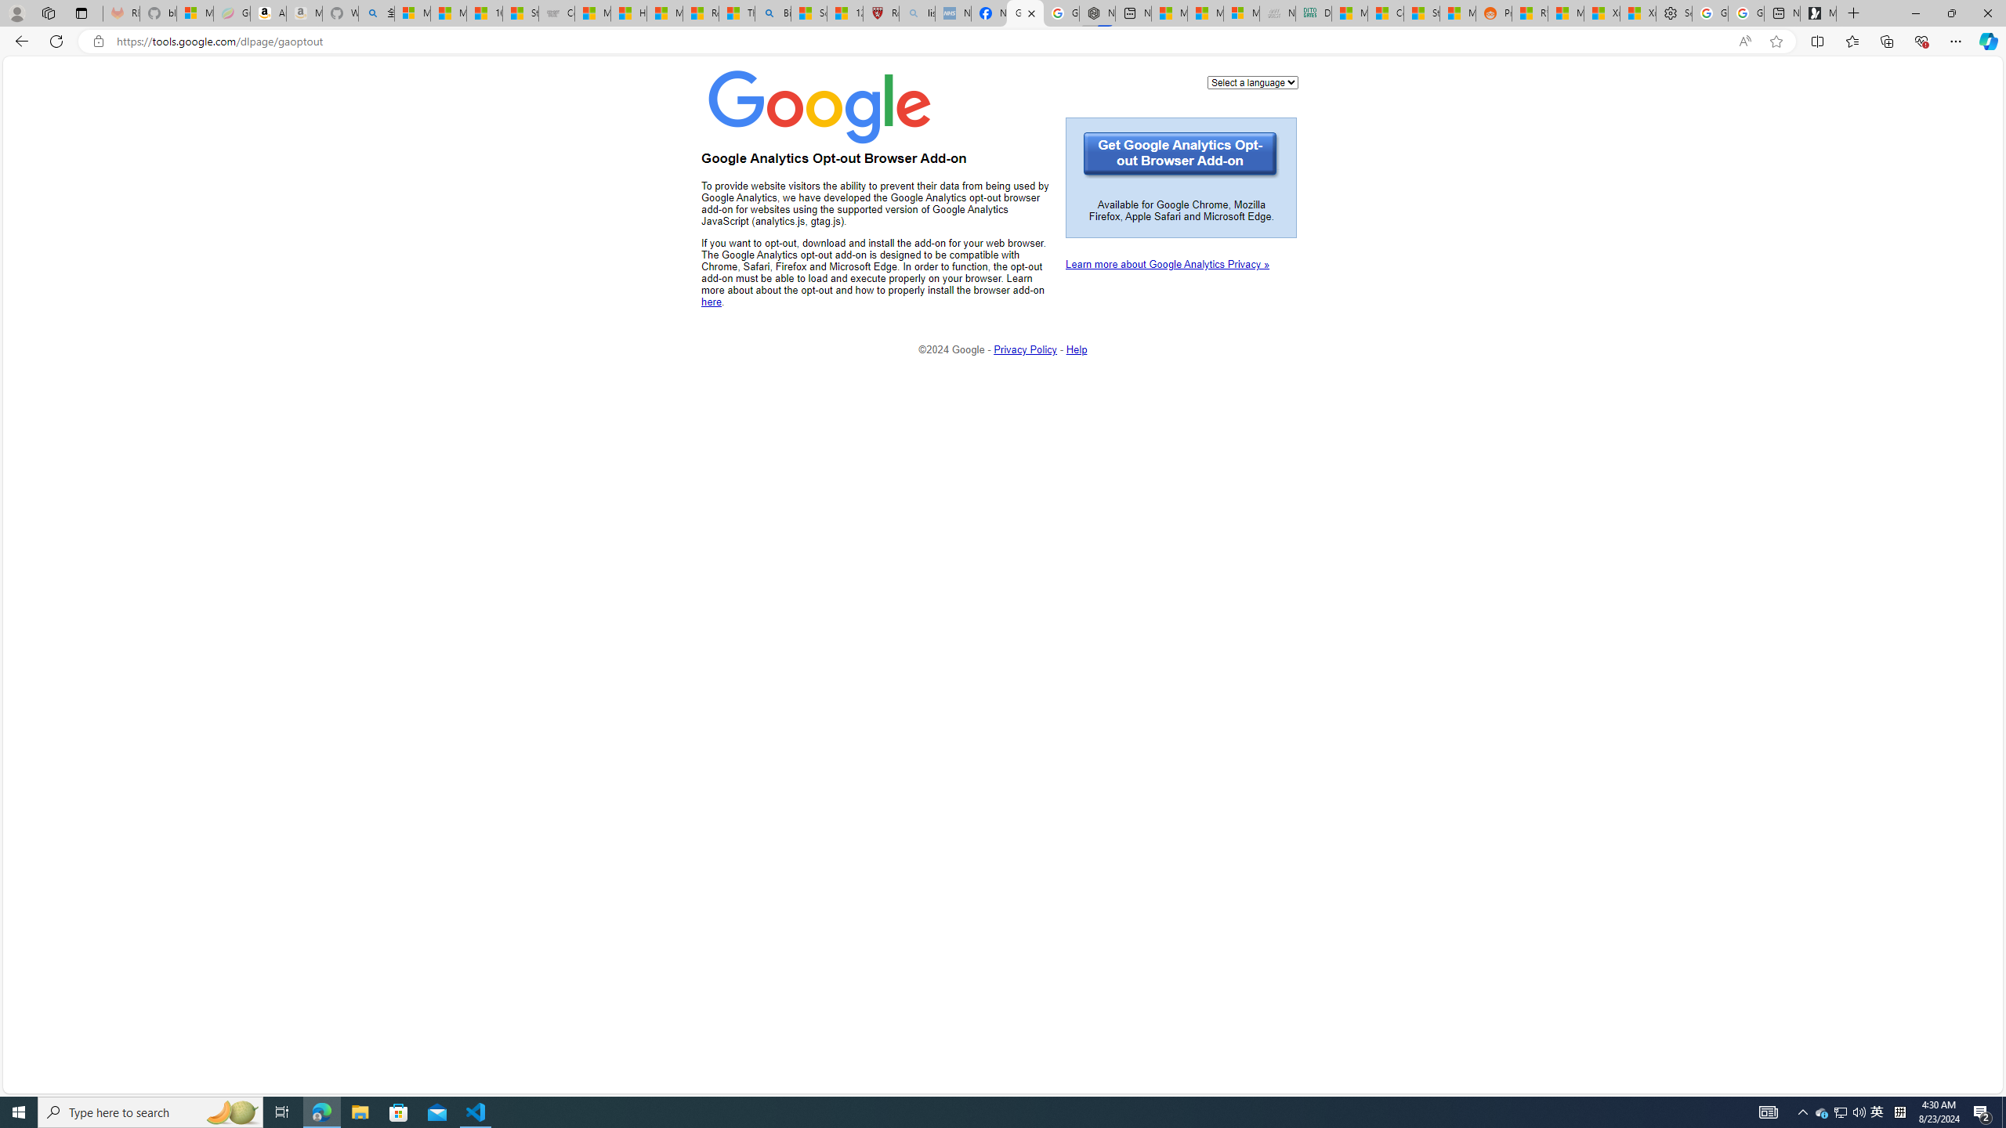 This screenshot has height=1128, width=2006. What do you see at coordinates (1251, 81) in the screenshot?
I see `'Language'` at bounding box center [1251, 81].